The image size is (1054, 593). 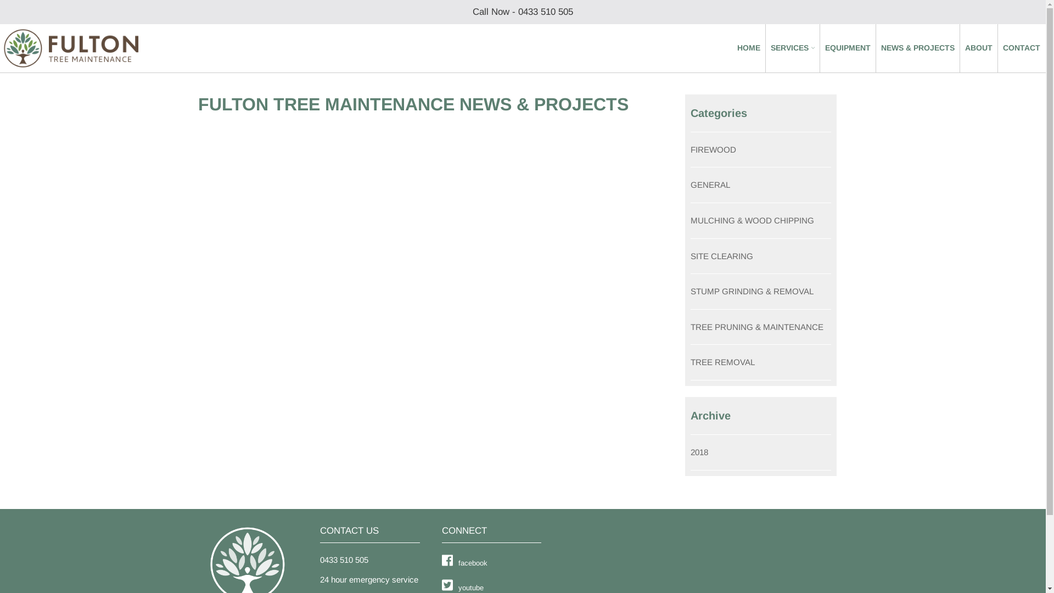 What do you see at coordinates (917, 48) in the screenshot?
I see `'NEWS & PROJECTS'` at bounding box center [917, 48].